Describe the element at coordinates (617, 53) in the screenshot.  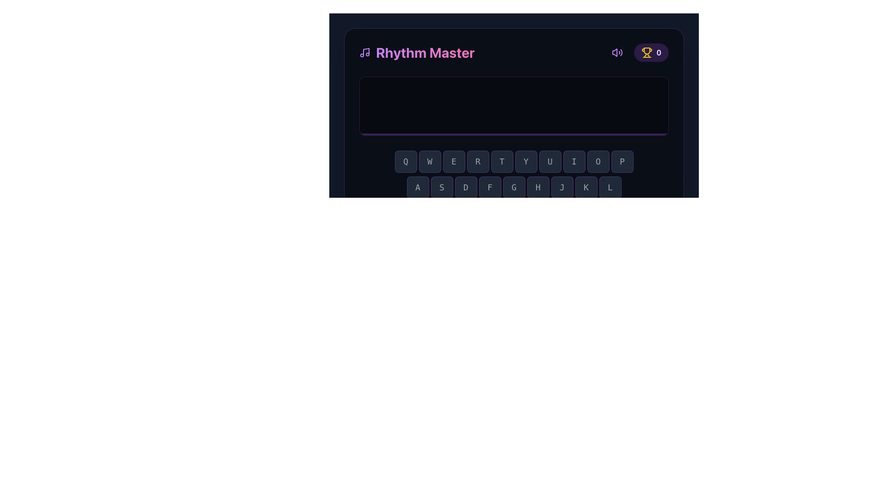
I see `the sound toggle button located at the top-right corner of the application interface` at that location.